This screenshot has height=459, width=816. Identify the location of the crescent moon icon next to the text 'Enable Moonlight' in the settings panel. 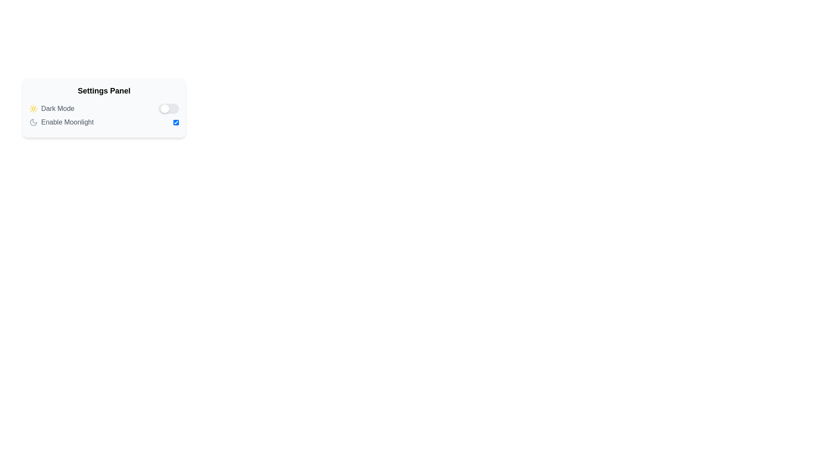
(33, 122).